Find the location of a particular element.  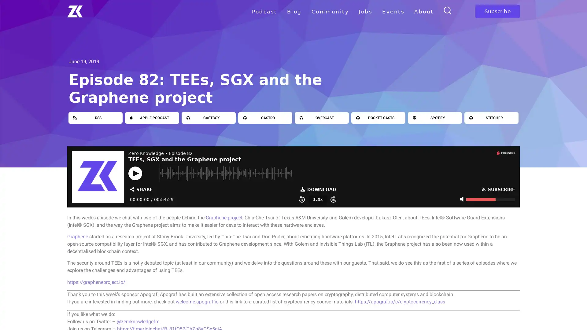

OVERCAST is located at coordinates (321, 118).